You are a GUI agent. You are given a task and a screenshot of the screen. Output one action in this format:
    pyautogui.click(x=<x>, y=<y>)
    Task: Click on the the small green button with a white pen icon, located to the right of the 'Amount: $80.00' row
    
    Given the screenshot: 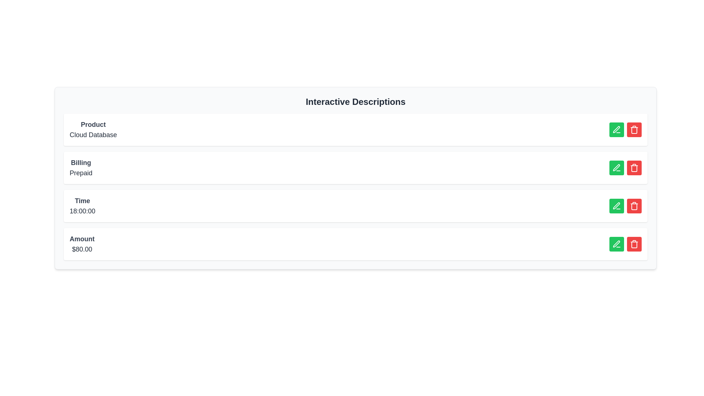 What is the action you would take?
    pyautogui.click(x=616, y=244)
    